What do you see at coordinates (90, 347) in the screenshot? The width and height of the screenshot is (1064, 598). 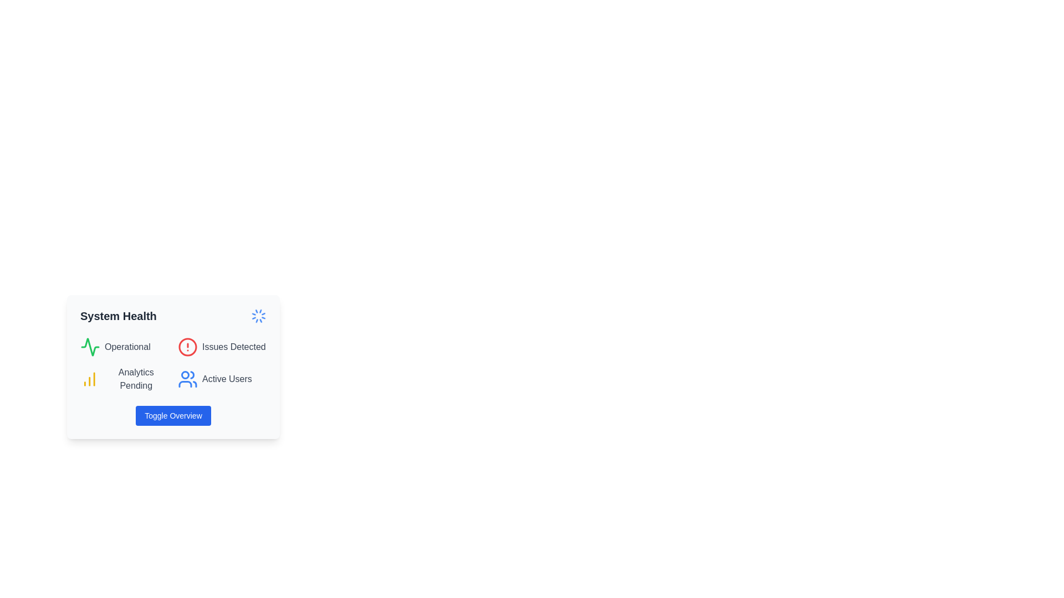 I see `system health icon located in the 'System Health' window, which indicates active and healthy functioning, adjacent to the label 'Operational.'` at bounding box center [90, 347].